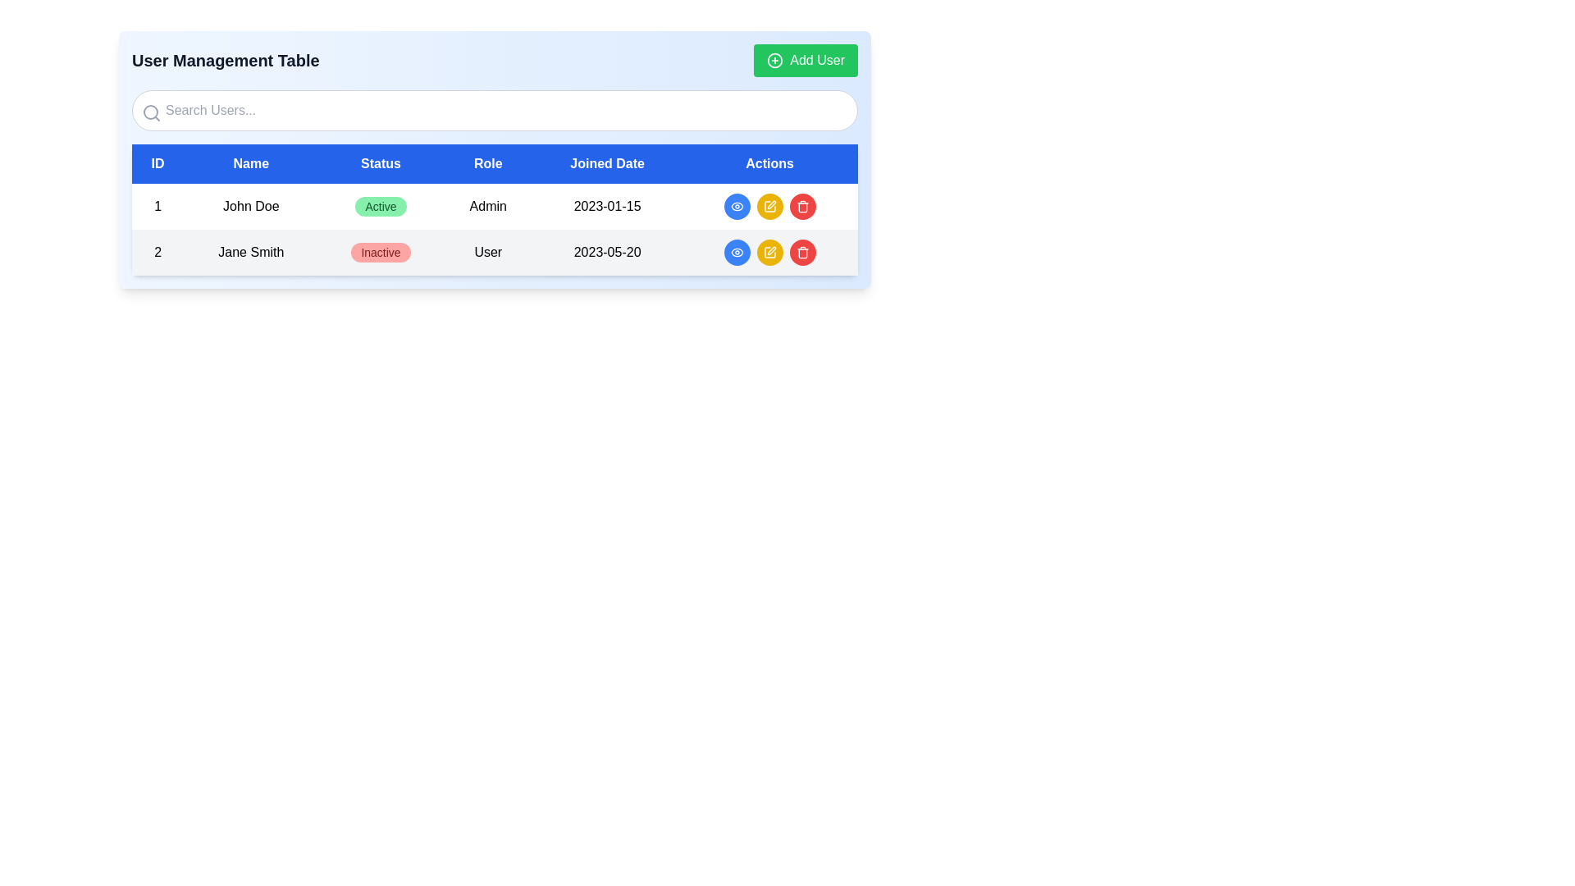 The height and width of the screenshot is (886, 1575). I want to click on the 'ID' column header cell in the data table, which is the first column header of the table containing other headers like 'Name', 'Status', 'Role', 'Joined Date', and 'Actions', so click(157, 164).